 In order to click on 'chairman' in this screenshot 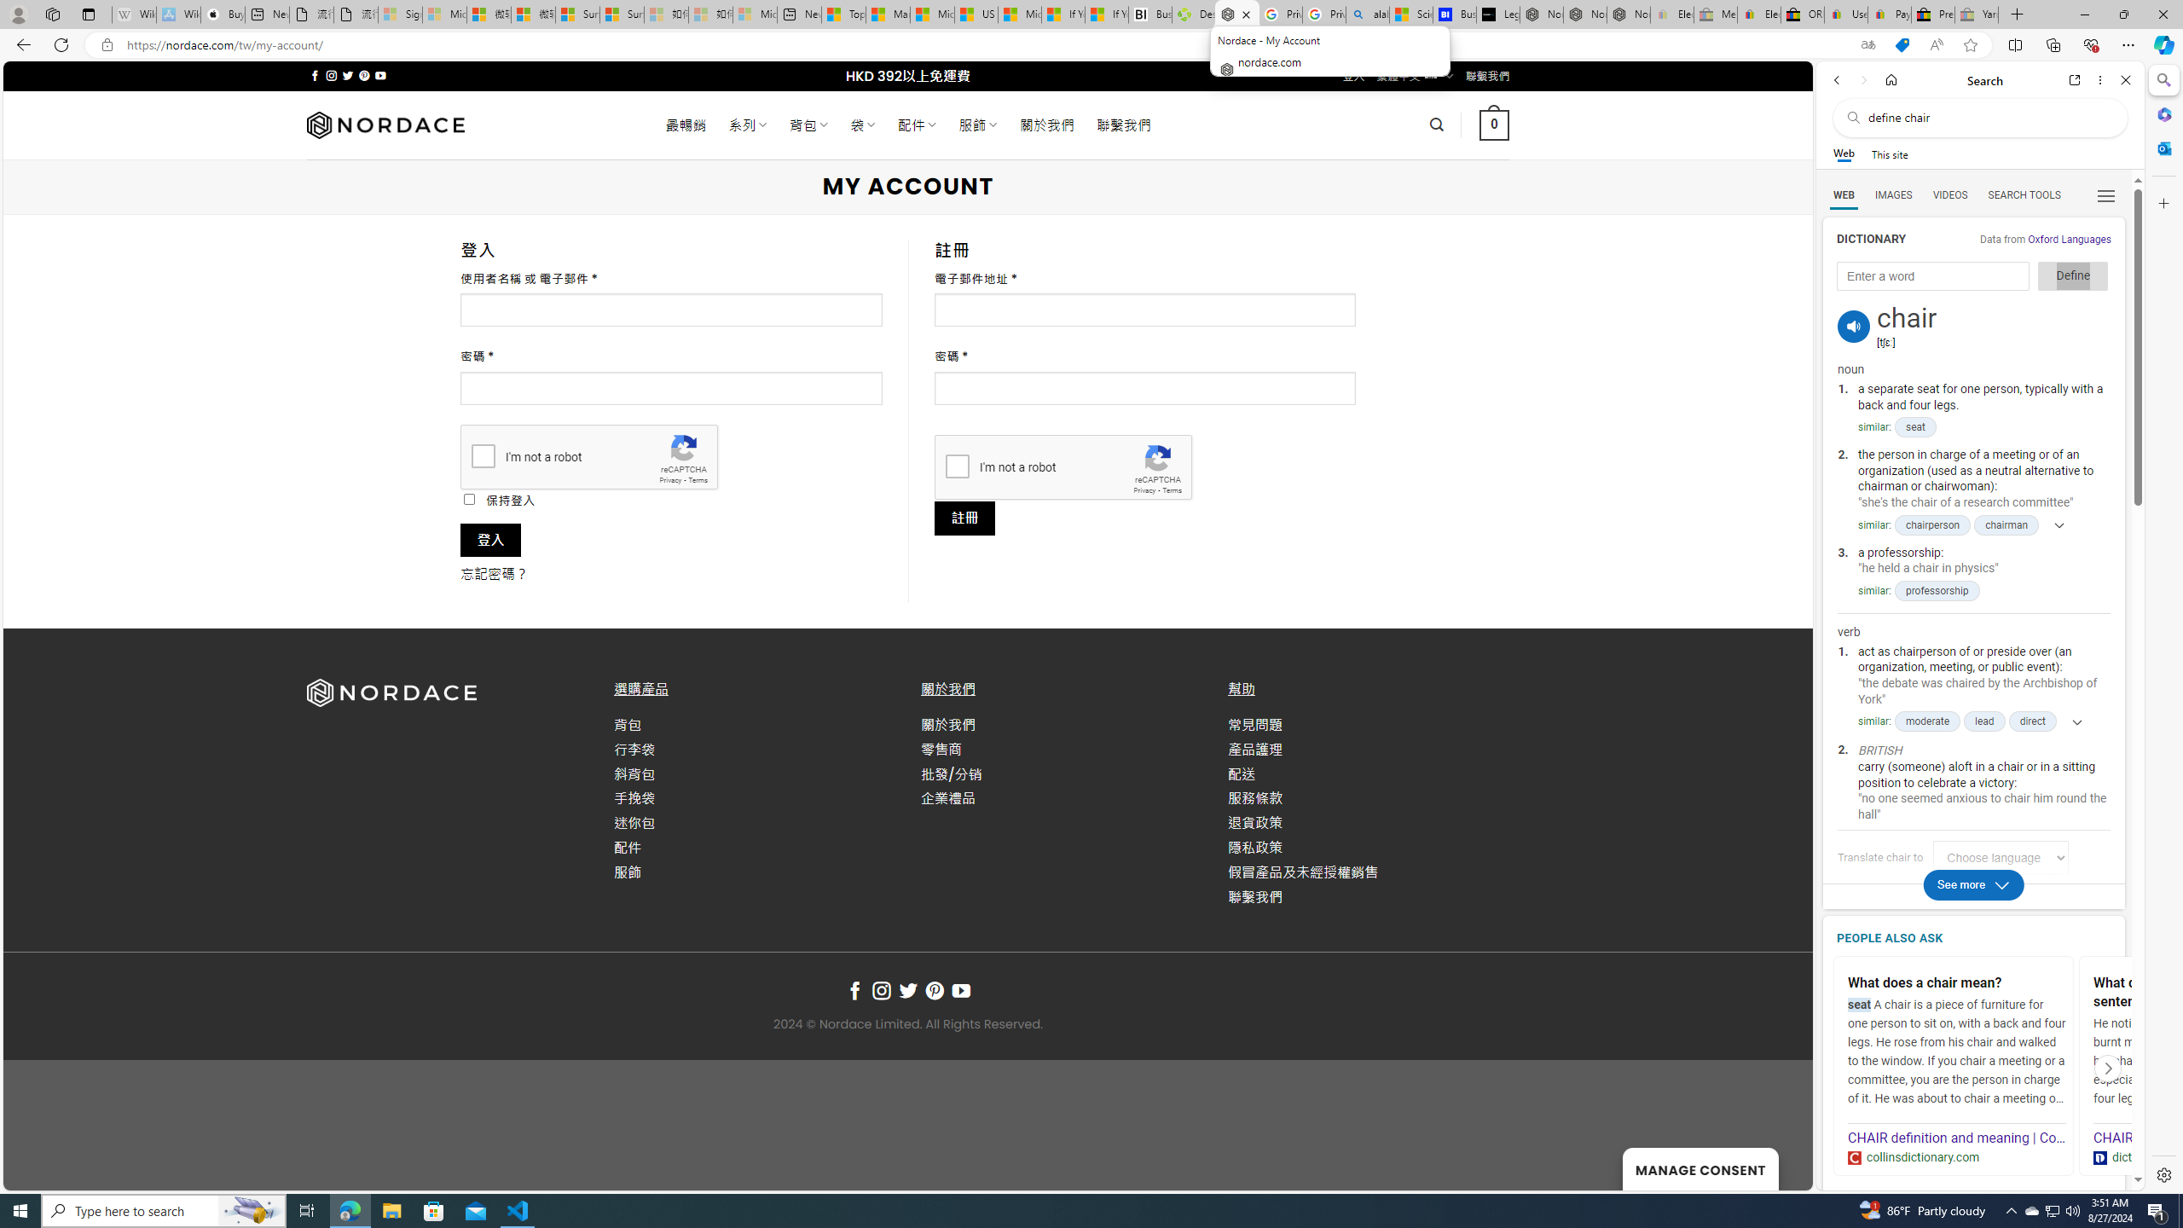, I will do `click(2006, 524)`.